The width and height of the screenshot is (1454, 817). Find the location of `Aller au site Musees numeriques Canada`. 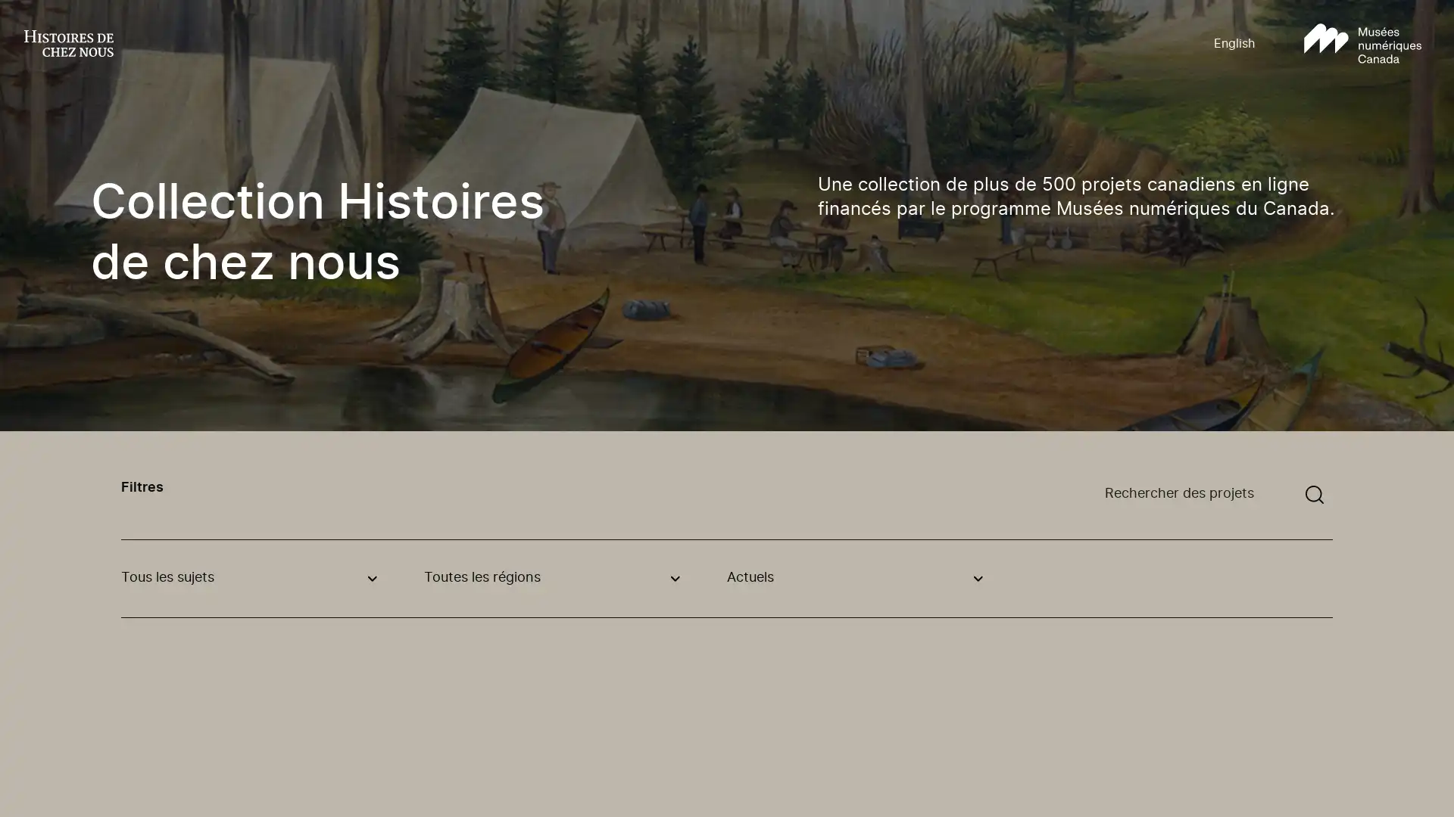

Aller au site Musees numeriques Canada is located at coordinates (1362, 43).